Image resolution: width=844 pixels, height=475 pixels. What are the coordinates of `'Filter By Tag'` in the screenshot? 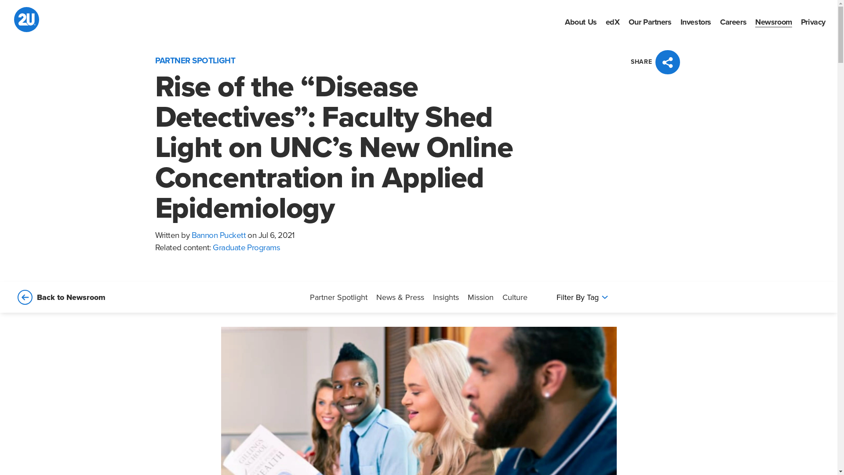 It's located at (582, 297).